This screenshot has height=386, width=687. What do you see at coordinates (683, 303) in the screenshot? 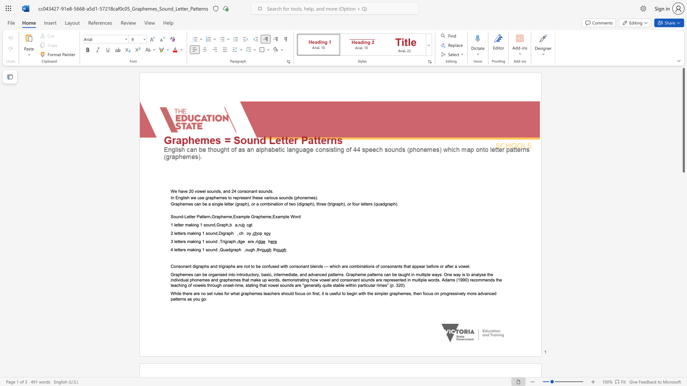
I see `the scrollbar to scroll downward` at bounding box center [683, 303].